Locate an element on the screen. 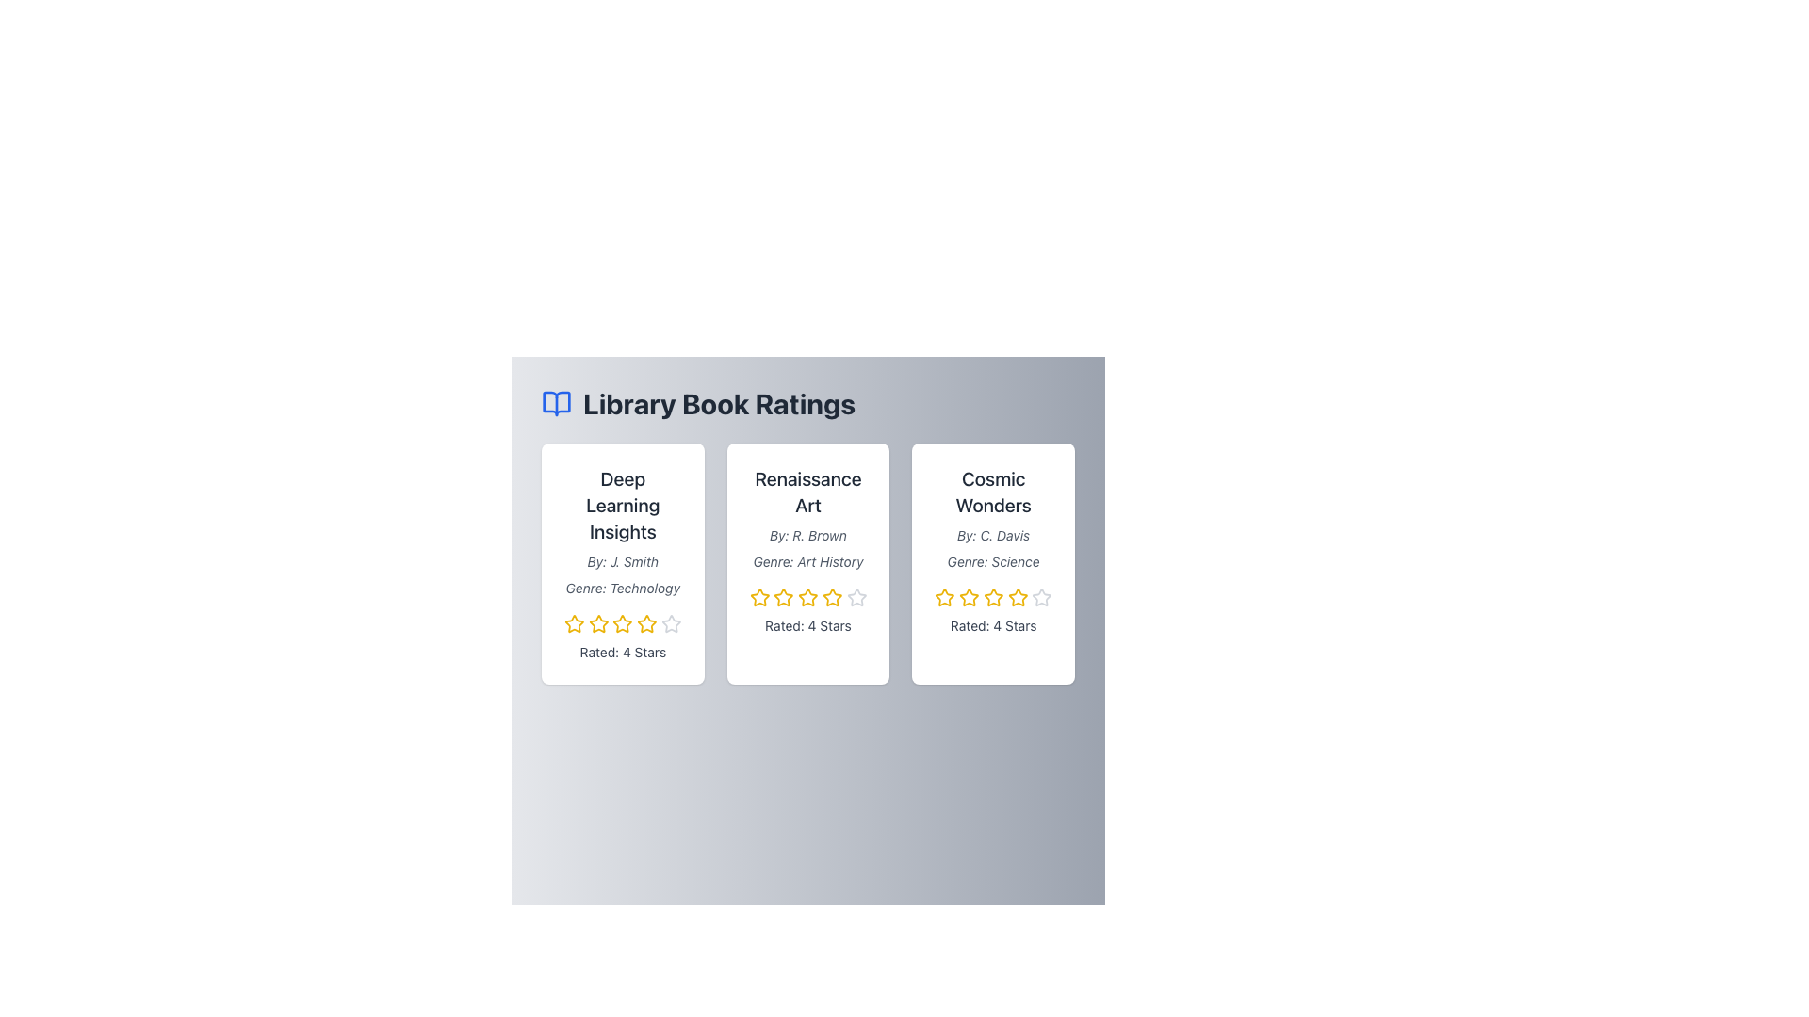  author information from the Text Label displaying 'By: R. Brown' styled in a small gray italic font, located in the middle portion of the card component is located at coordinates (808, 536).